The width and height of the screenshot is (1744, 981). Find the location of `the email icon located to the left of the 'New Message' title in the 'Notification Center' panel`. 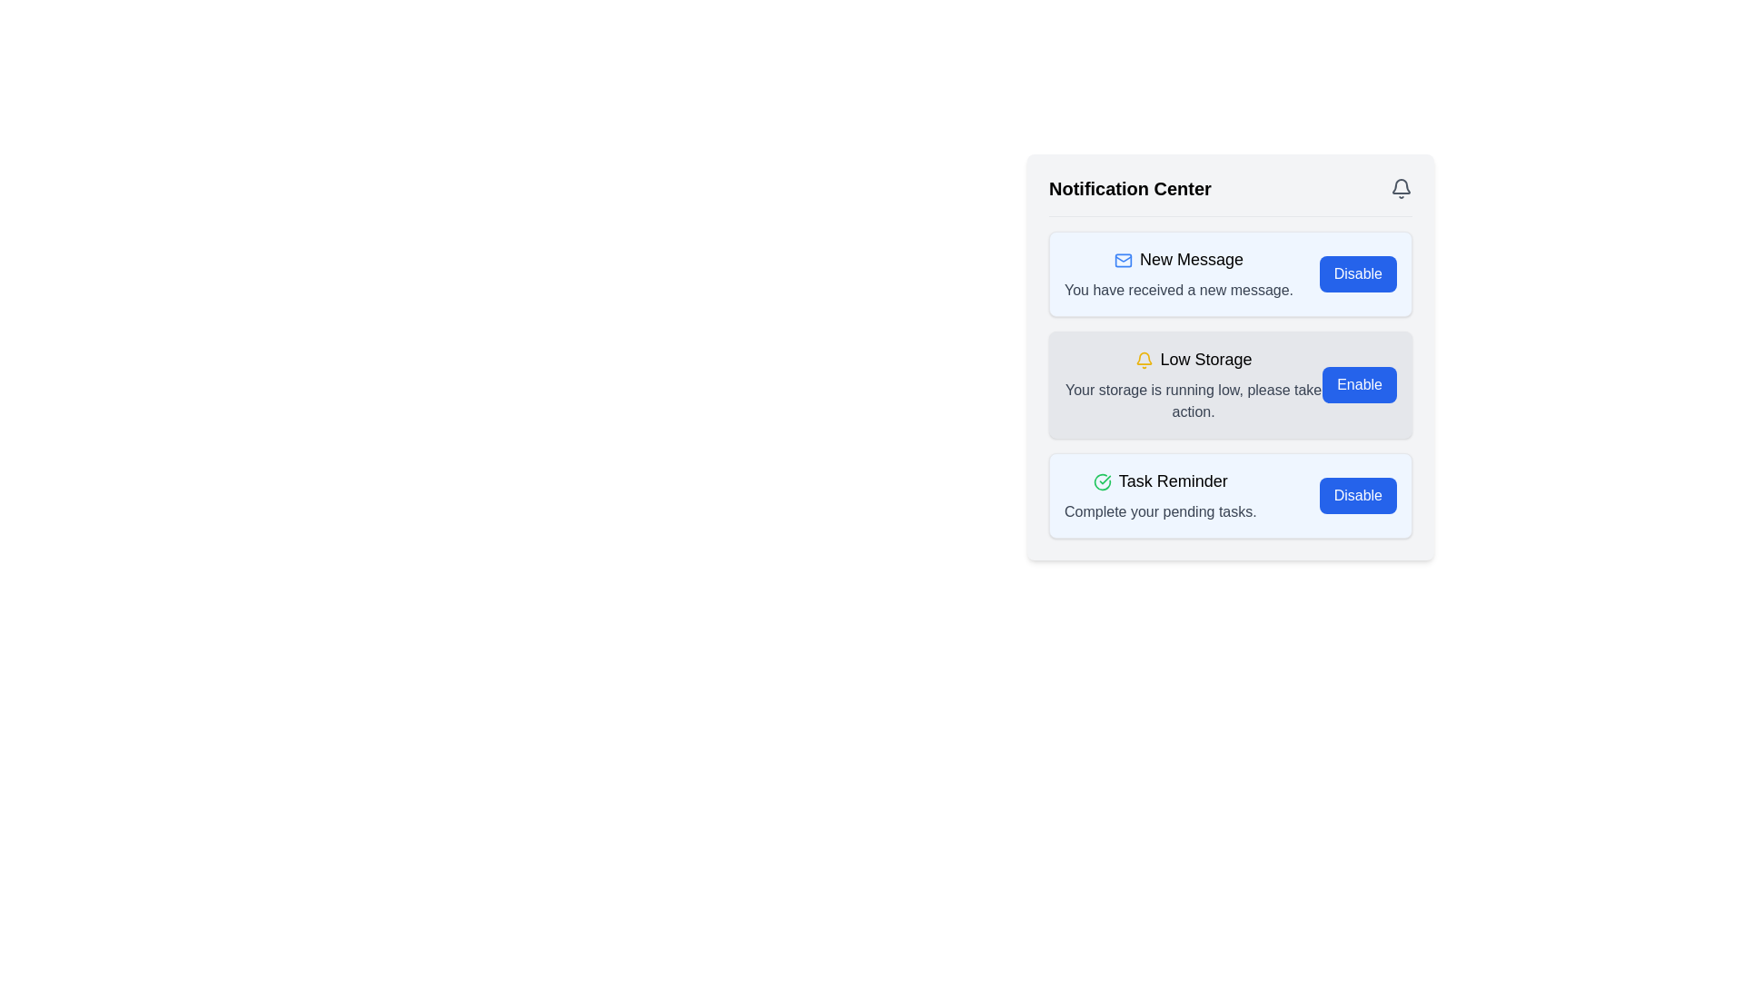

the email icon located to the left of the 'New Message' title in the 'Notification Center' panel is located at coordinates (1123, 261).